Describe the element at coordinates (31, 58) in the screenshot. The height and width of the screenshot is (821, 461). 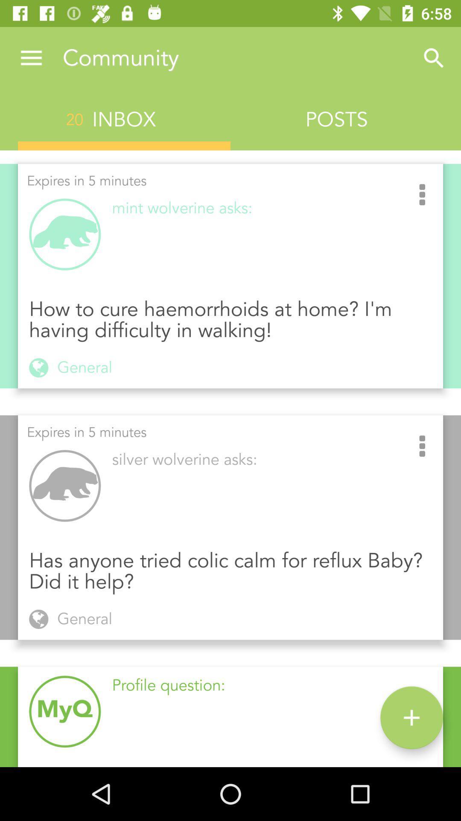
I see `the icon above 20 icon` at that location.